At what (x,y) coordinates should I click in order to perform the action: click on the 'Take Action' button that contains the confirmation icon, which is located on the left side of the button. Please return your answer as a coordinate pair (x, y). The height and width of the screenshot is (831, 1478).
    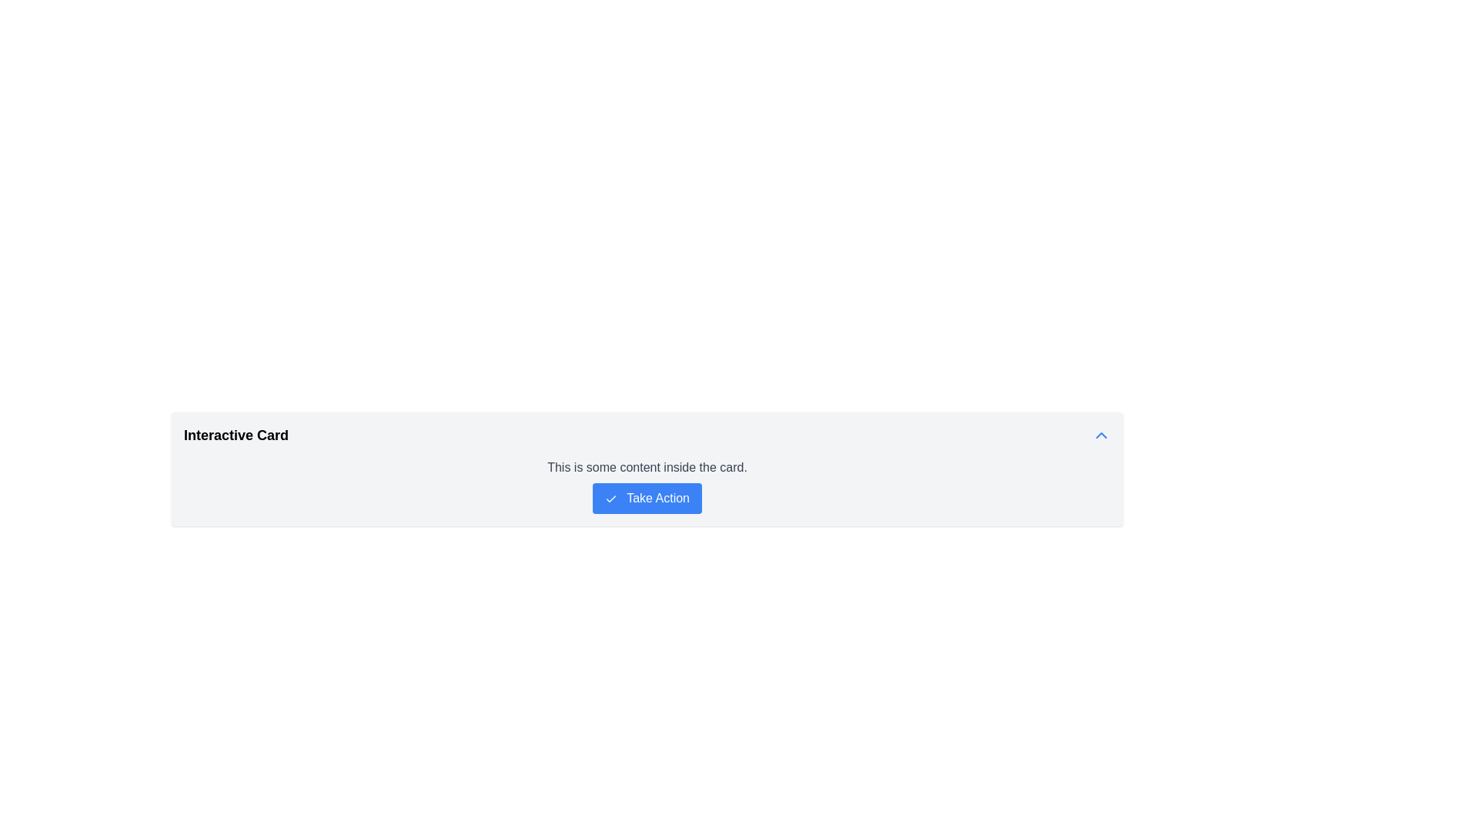
    Looking at the image, I should click on (610, 499).